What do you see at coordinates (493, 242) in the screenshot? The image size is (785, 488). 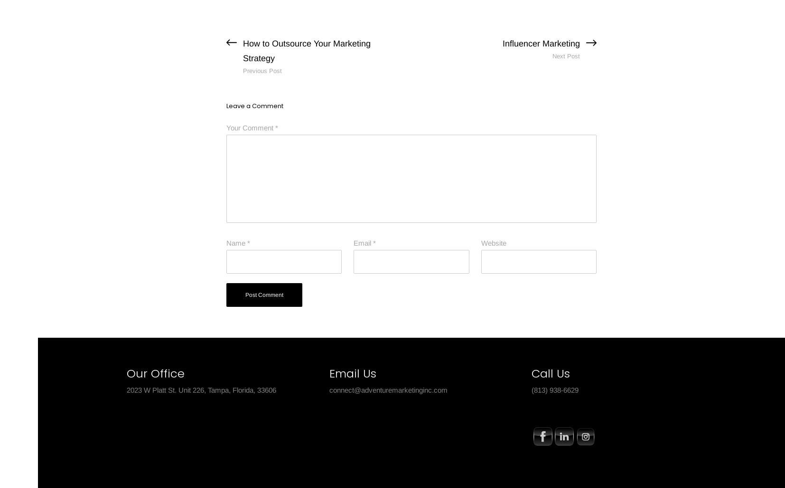 I see `'Website'` at bounding box center [493, 242].